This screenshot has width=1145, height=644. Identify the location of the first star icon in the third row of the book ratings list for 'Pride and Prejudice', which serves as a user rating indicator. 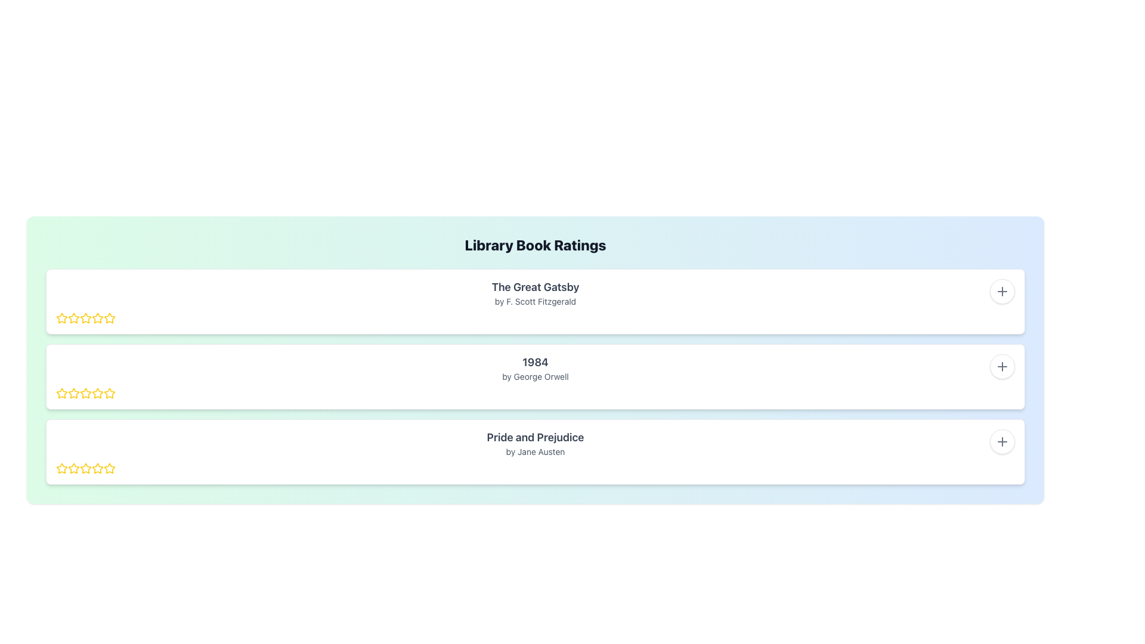
(61, 467).